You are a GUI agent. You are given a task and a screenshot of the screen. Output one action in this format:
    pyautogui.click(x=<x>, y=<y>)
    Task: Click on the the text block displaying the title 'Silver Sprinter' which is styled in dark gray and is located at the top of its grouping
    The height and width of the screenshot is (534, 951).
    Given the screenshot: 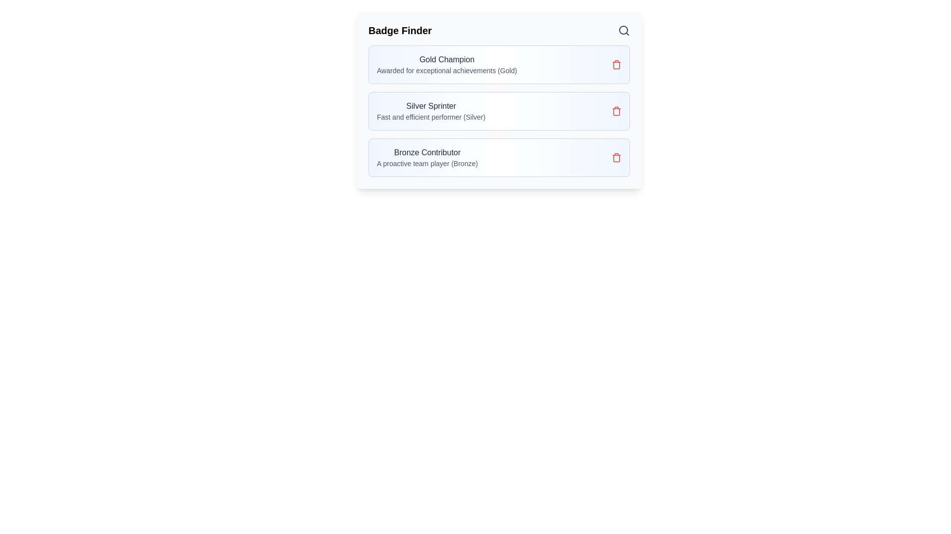 What is the action you would take?
    pyautogui.click(x=431, y=106)
    